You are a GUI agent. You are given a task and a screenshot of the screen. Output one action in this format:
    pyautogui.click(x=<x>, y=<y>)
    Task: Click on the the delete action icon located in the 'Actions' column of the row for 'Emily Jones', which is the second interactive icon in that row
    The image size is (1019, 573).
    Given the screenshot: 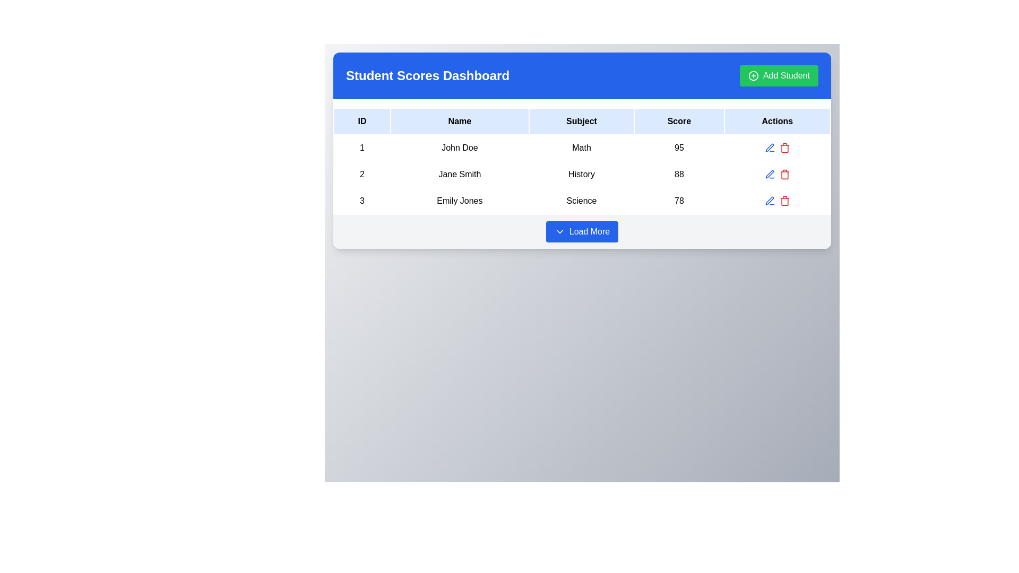 What is the action you would take?
    pyautogui.click(x=784, y=147)
    